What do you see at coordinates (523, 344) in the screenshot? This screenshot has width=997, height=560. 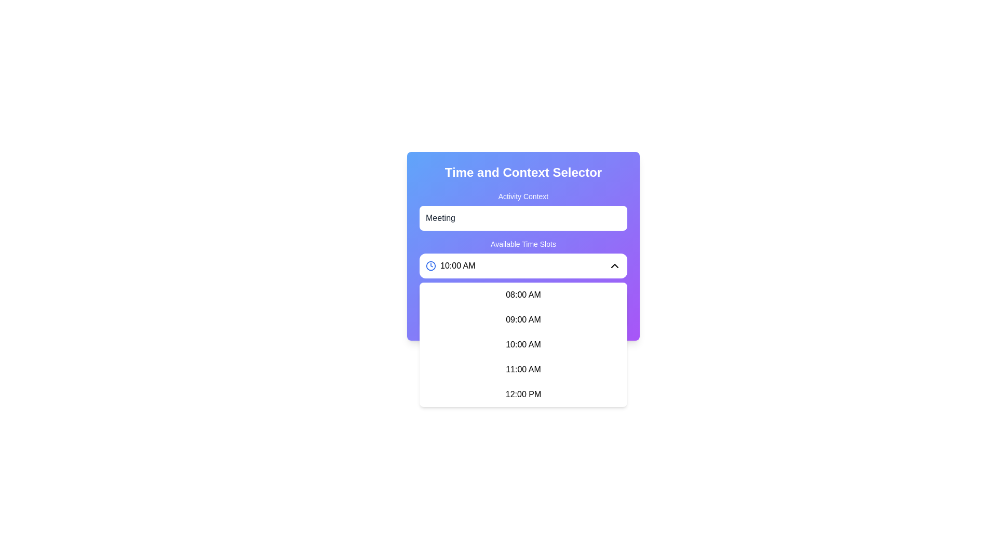 I see `the '10:00 AM' time slot, which is the third item in the dropdown menu between '09:00 AM' and '11:00 AM'` at bounding box center [523, 344].